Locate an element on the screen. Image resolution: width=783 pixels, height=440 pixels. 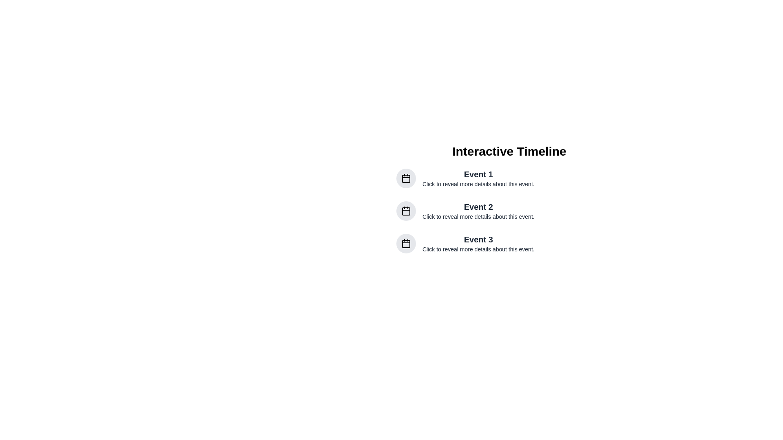
the Timeline Event Entry labeled 'Event 2' is located at coordinates (509, 210).